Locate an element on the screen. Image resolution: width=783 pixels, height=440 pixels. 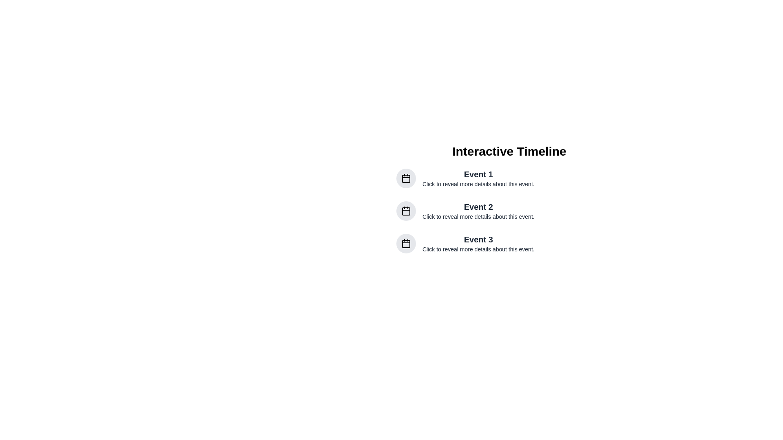
the Timeline Event Entry labeled 'Event 2' is located at coordinates (509, 210).